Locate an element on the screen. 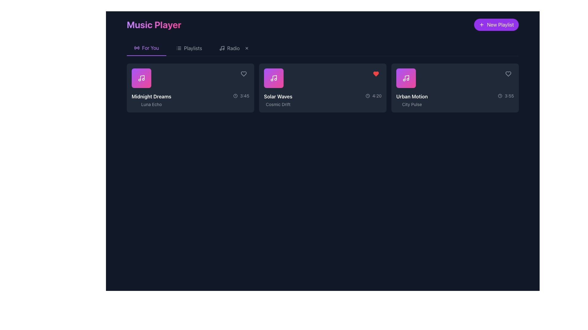 This screenshot has height=330, width=588. the clock icon located in the lower-right section of the first music card (Midnight Dreams) is located at coordinates (235, 96).